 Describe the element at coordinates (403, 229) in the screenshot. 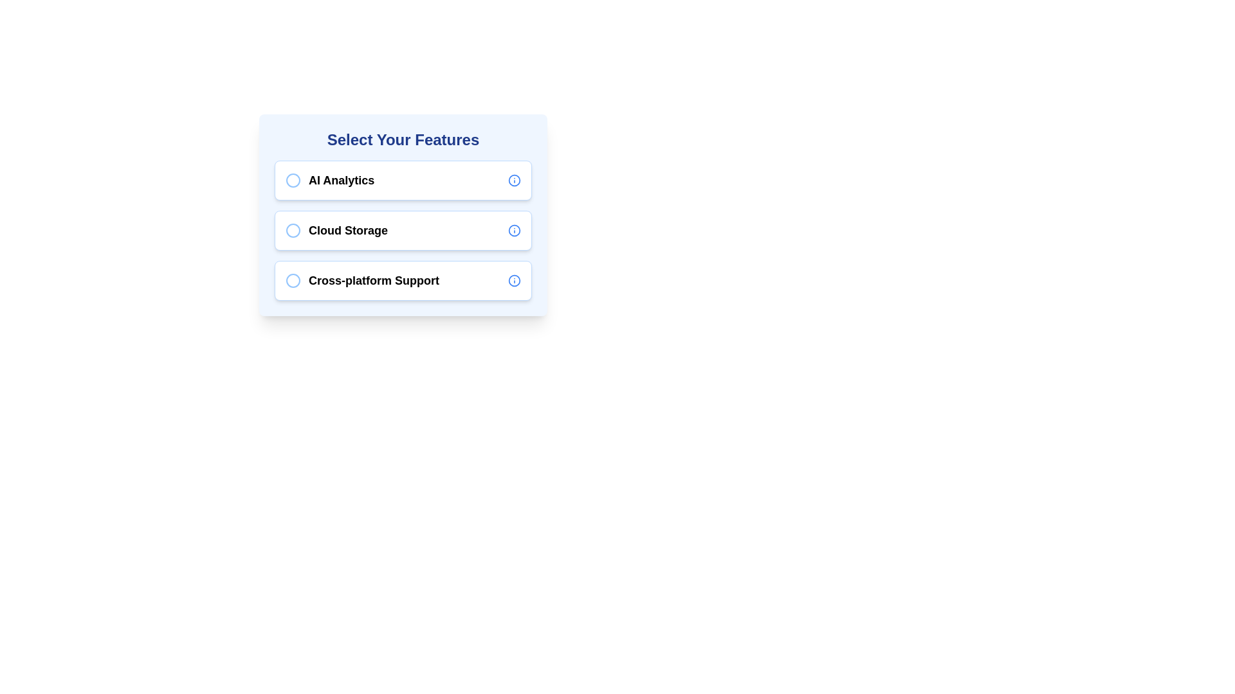

I see `the left circle of the second selectable item card in the 'Select Your Features' list` at that location.